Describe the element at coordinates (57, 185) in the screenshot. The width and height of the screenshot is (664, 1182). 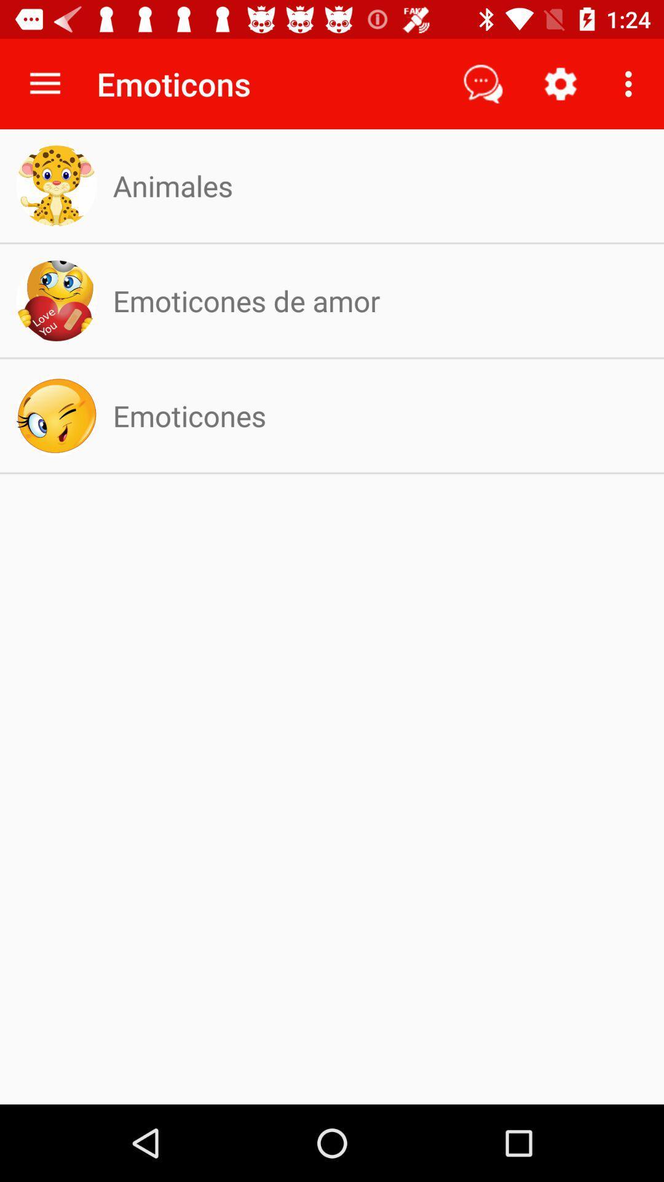
I see `the logo beside animales` at that location.